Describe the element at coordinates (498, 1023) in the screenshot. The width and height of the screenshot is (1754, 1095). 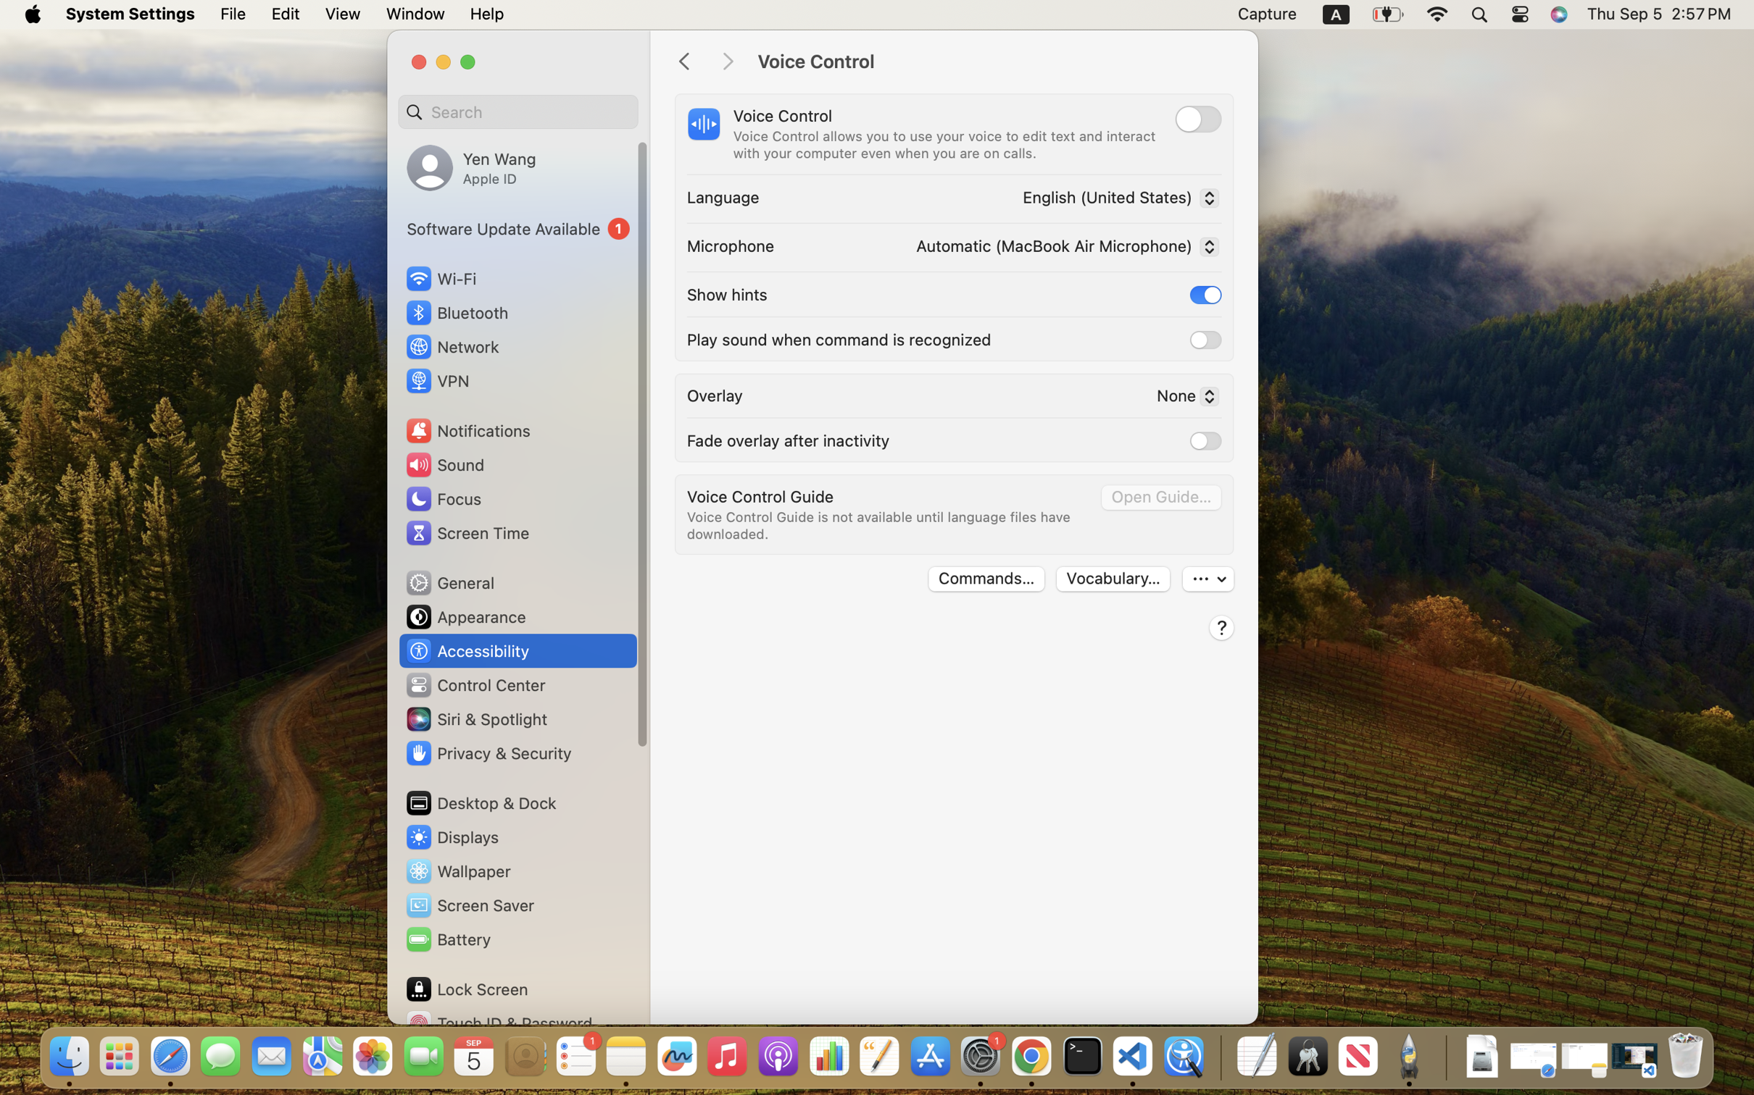
I see `'Touch ID & Password'` at that location.